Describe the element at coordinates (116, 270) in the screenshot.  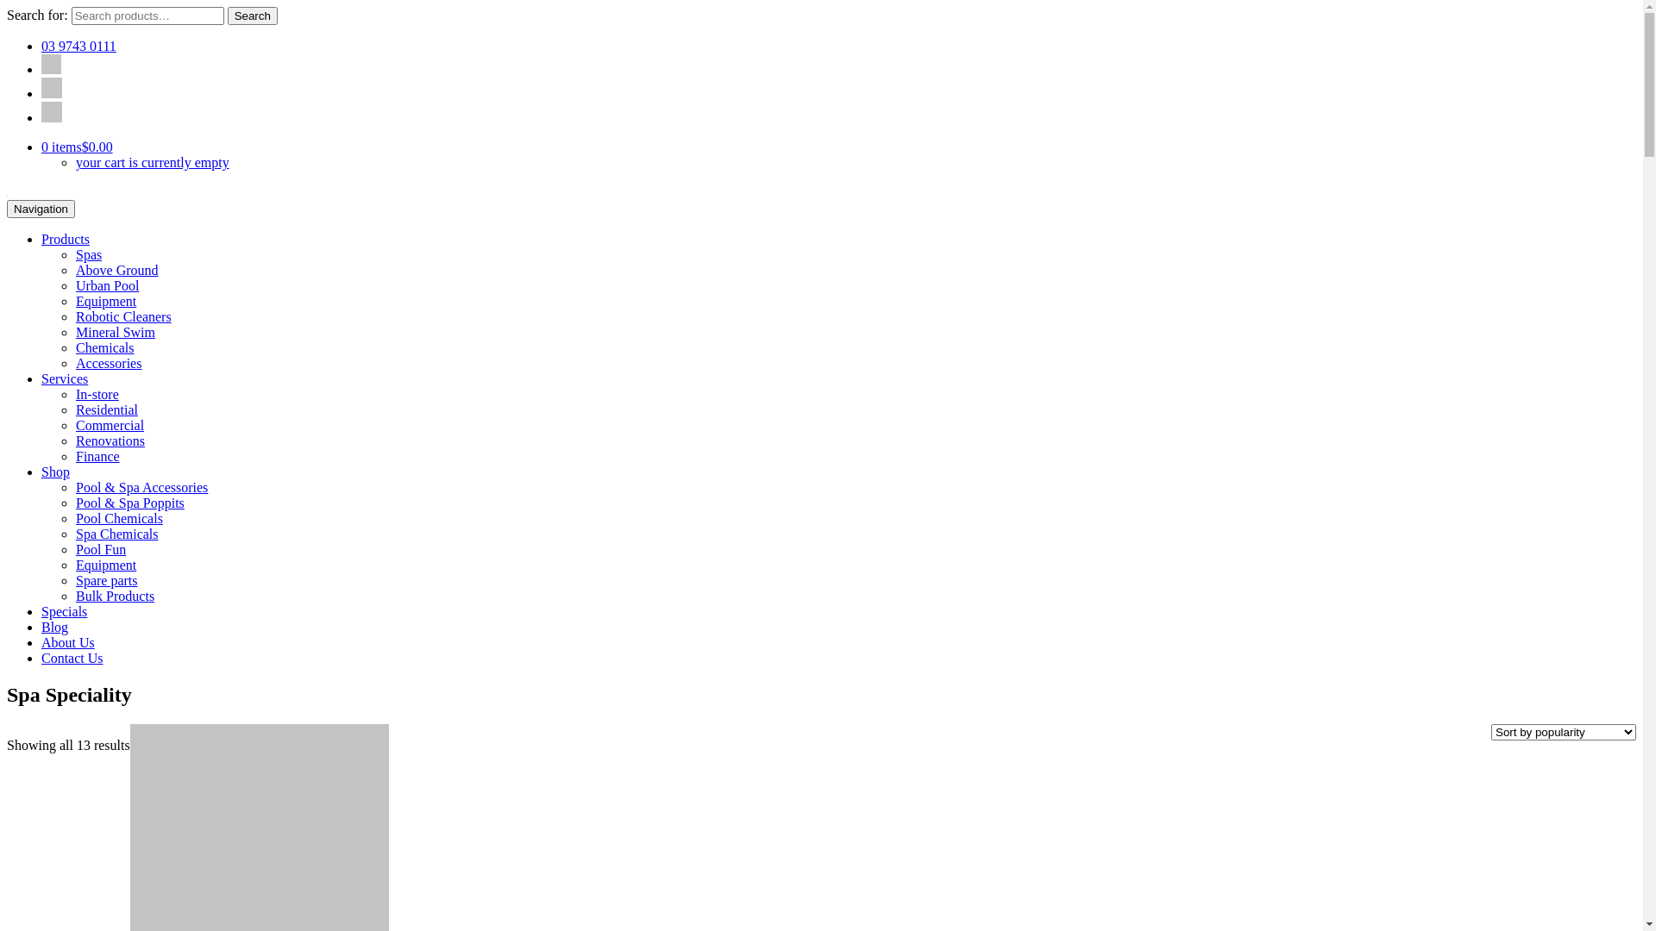
I see `'Above Ground'` at that location.